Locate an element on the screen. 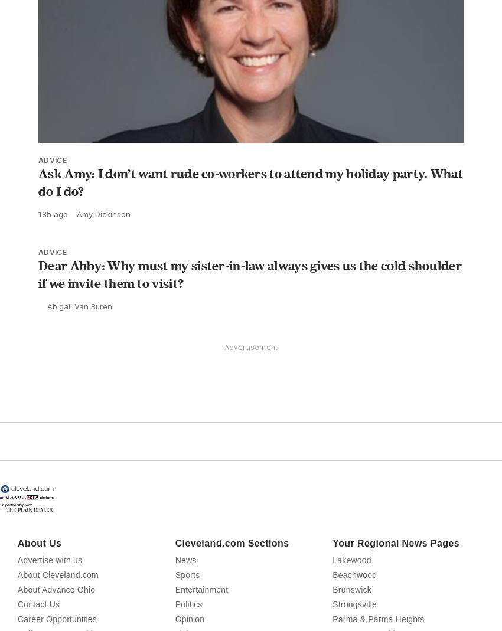 This screenshot has height=631, width=502. 'Dear Abby: Why must my sister-in-law always gives us the cold shoulder if we invite them to visit?' is located at coordinates (250, 299).